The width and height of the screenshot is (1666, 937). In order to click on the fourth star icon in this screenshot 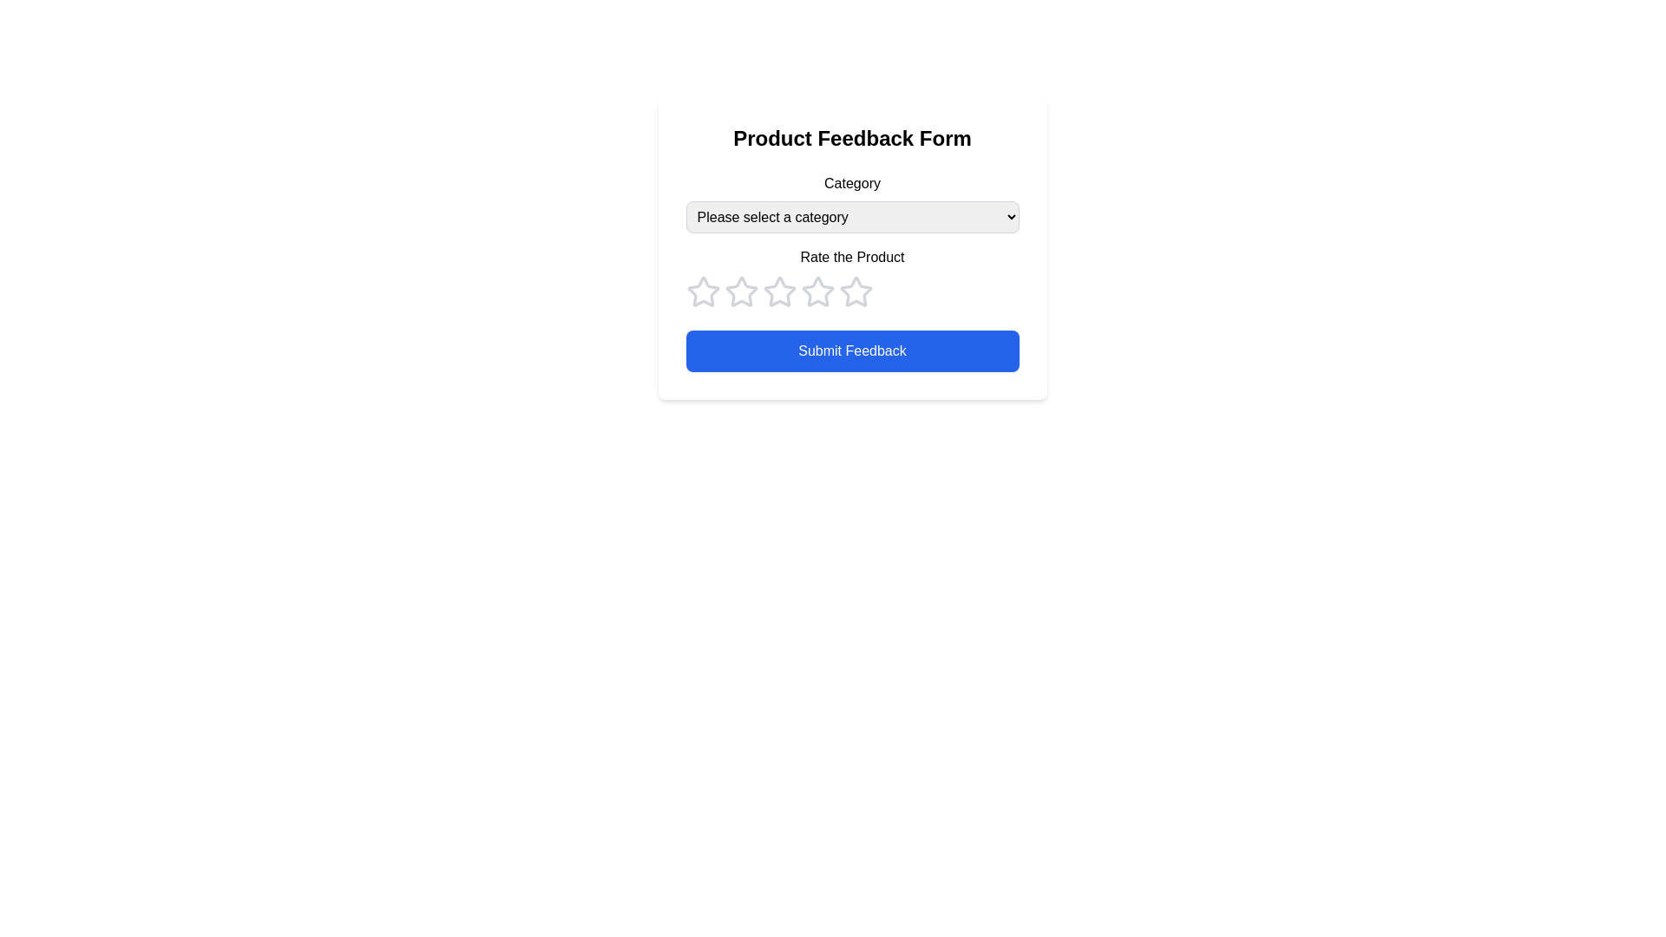, I will do `click(852, 291)`.